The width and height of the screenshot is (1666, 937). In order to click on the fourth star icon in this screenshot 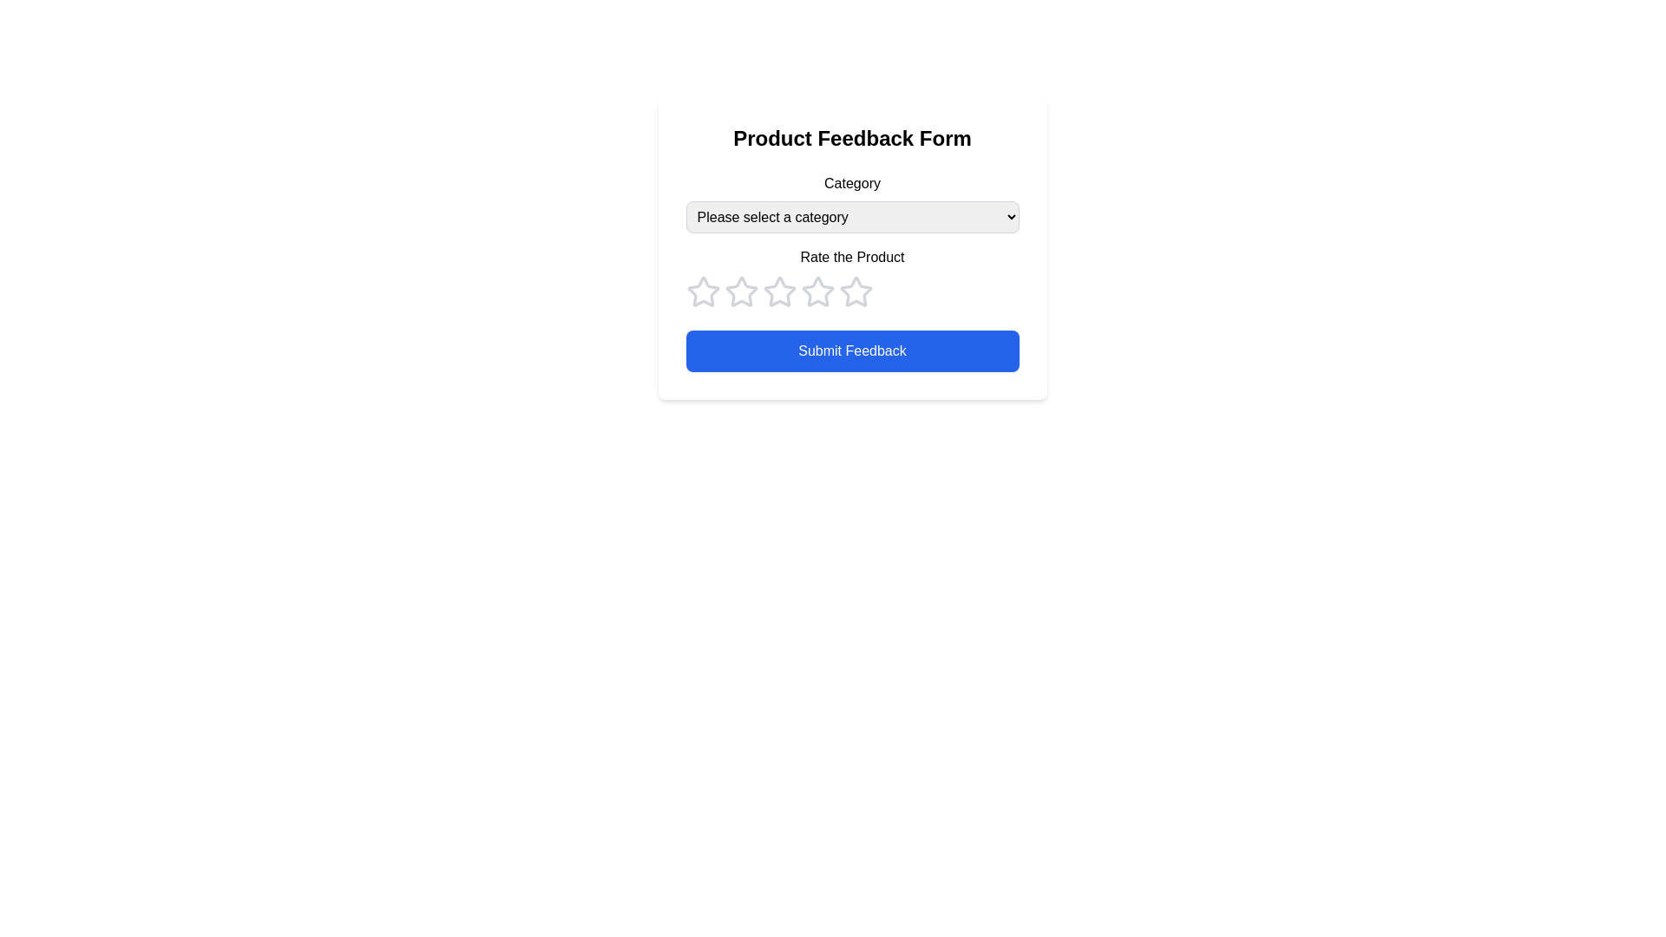, I will do `click(852, 291)`.